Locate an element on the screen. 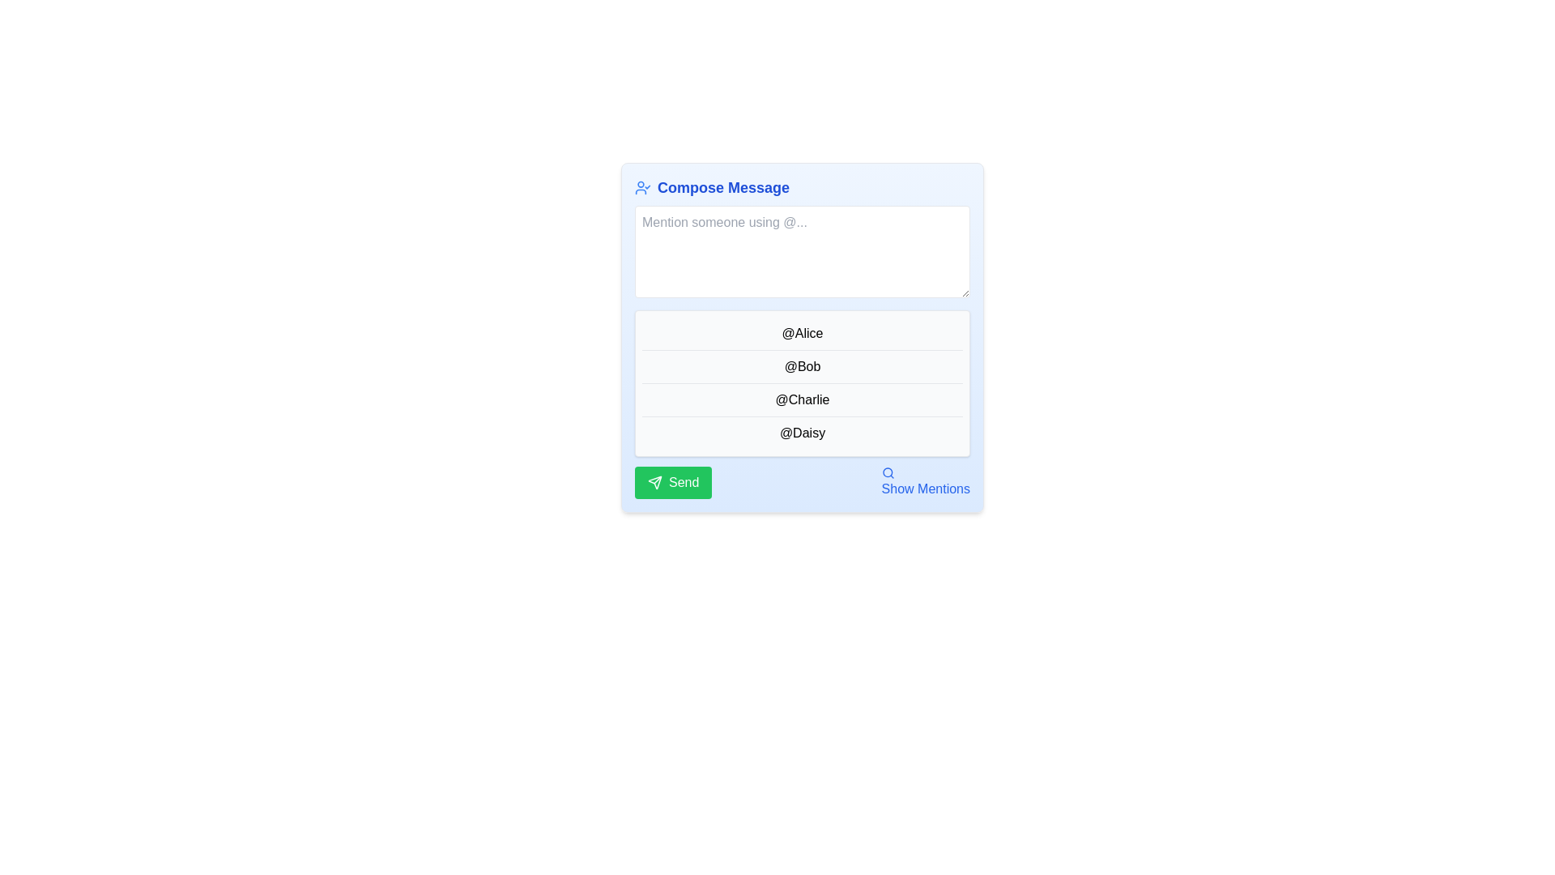 This screenshot has height=875, width=1555. the Button or Link styled as a text component located in the bottom-right corner of the panel to observe style changes is located at coordinates (926, 482).